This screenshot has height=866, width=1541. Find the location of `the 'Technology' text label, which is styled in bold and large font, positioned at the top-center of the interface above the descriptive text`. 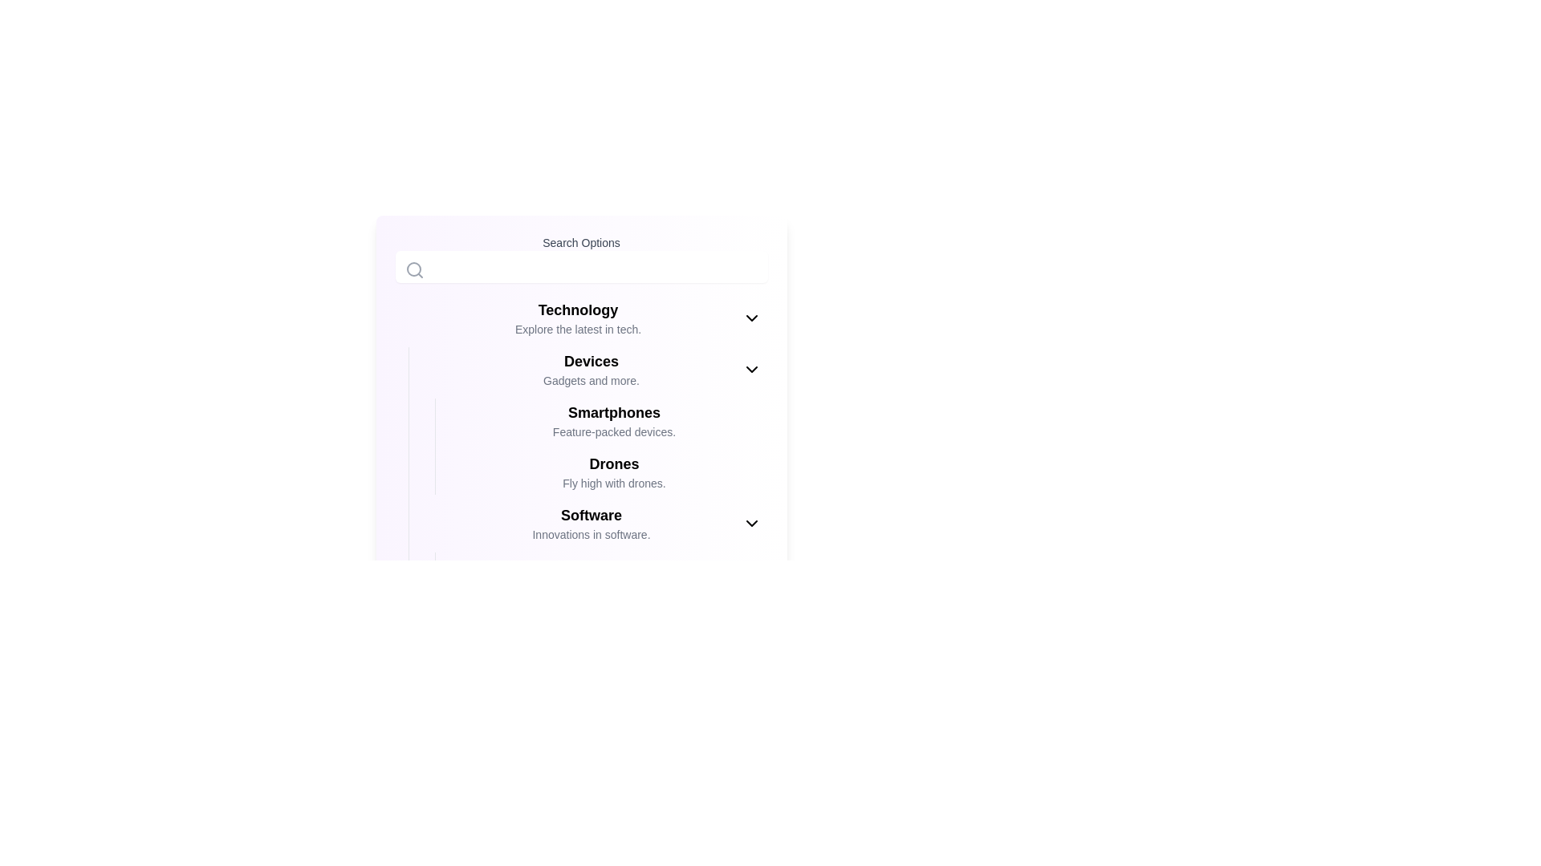

the 'Technology' text label, which is styled in bold and large font, positioned at the top-center of the interface above the descriptive text is located at coordinates (578, 310).